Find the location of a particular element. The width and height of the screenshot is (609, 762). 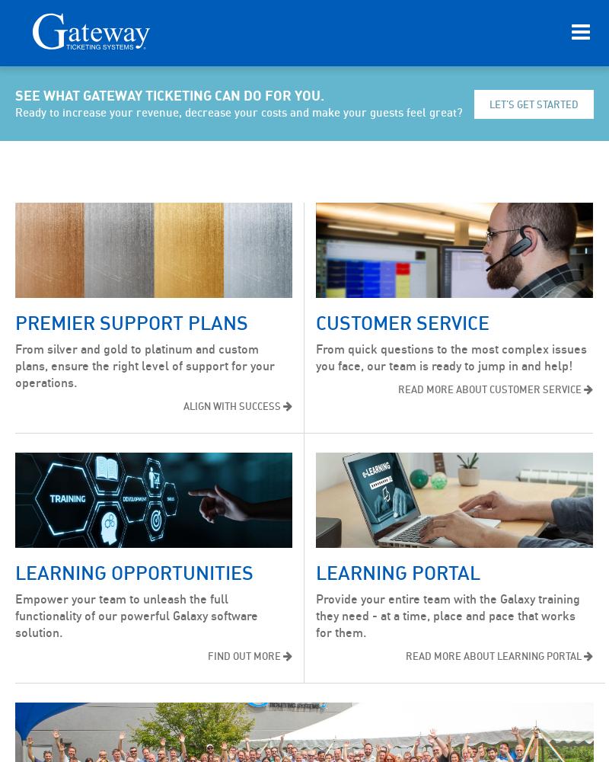

'Find out more' is located at coordinates (244, 655).